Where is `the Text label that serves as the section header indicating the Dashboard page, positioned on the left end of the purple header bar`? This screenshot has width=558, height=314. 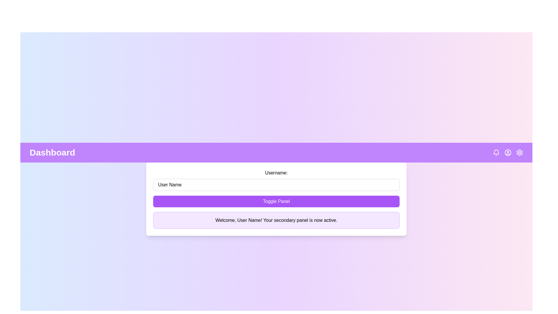 the Text label that serves as the section header indicating the Dashboard page, positioned on the left end of the purple header bar is located at coordinates (52, 152).